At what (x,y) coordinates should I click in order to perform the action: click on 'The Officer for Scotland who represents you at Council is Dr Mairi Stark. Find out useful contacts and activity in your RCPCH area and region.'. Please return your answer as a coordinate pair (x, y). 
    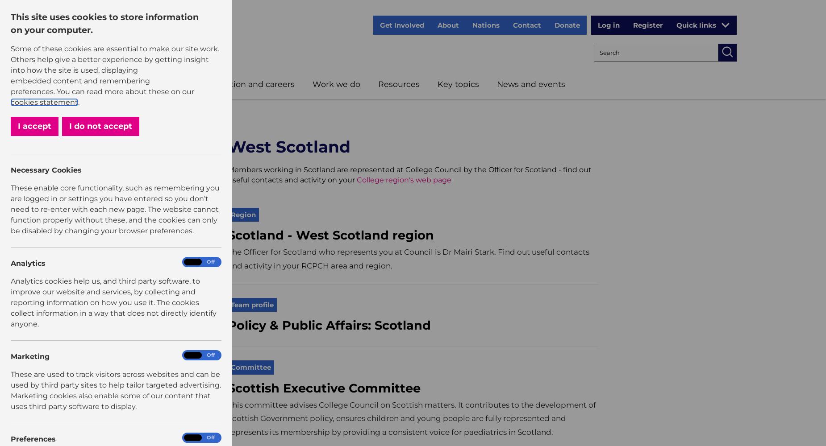
    Looking at the image, I should click on (228, 258).